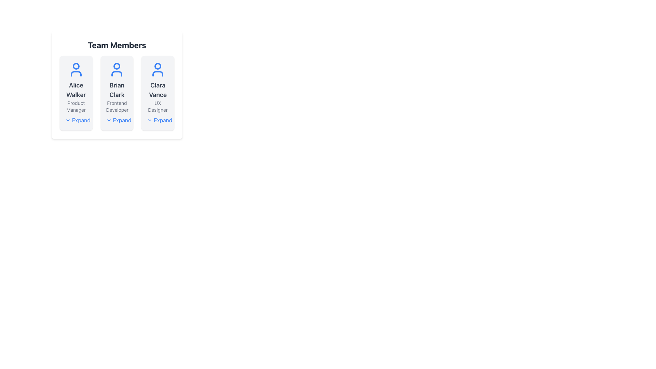 This screenshot has width=656, height=369. What do you see at coordinates (76, 70) in the screenshot?
I see `the static icon representing user 'Alice Walker' in the 'Team Members' section, which is located above her name and role` at bounding box center [76, 70].